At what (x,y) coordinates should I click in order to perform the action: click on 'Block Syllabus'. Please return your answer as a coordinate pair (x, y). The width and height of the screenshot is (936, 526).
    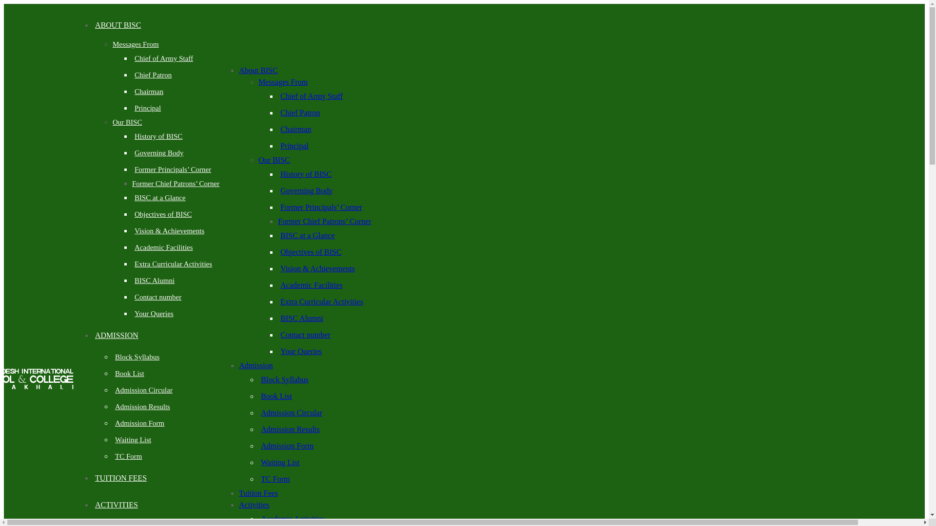
    Looking at the image, I should click on (260, 378).